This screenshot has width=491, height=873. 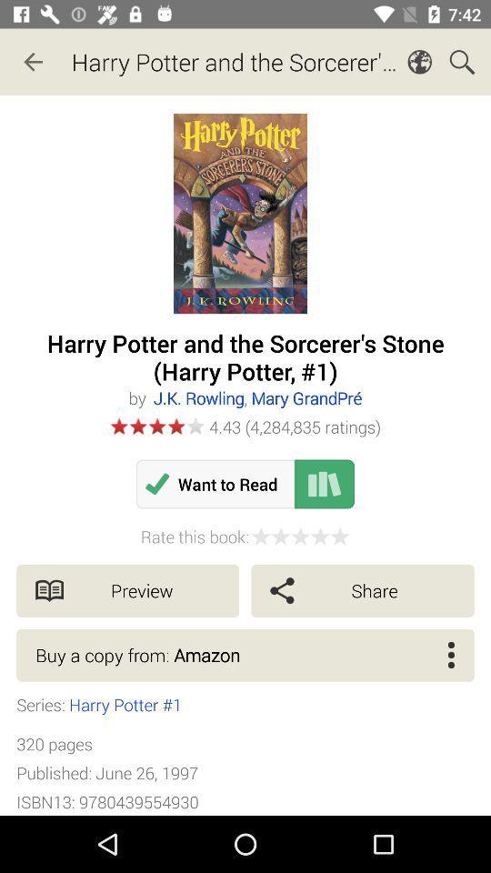 I want to click on the icon to the left of the harry potter and icon, so click(x=33, y=62).